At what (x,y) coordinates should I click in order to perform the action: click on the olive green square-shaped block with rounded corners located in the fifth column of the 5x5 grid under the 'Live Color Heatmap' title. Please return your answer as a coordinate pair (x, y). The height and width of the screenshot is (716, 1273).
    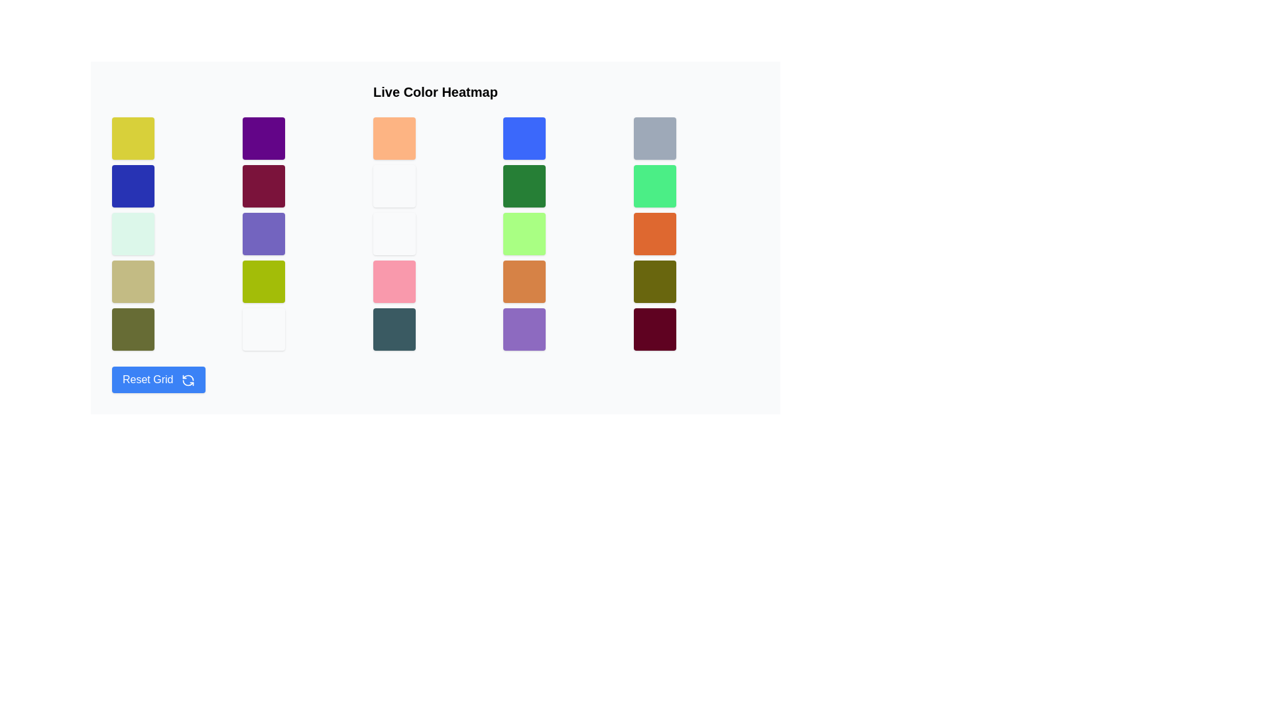
    Looking at the image, I should click on (655, 280).